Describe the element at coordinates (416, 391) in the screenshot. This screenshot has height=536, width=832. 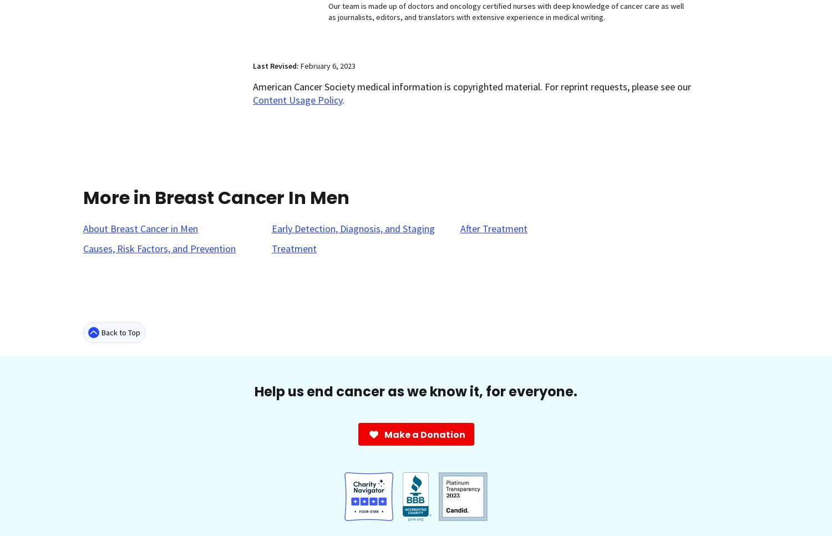
I see `'Help us end cancer as we know it, for everyone.'` at that location.